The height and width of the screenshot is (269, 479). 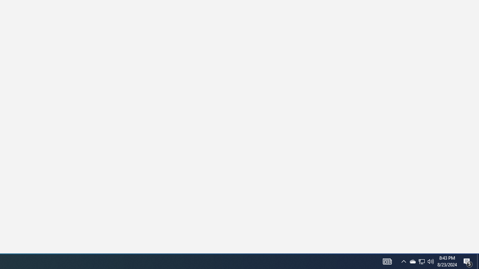 What do you see at coordinates (422, 261) in the screenshot?
I see `'Notification Chevron'` at bounding box center [422, 261].